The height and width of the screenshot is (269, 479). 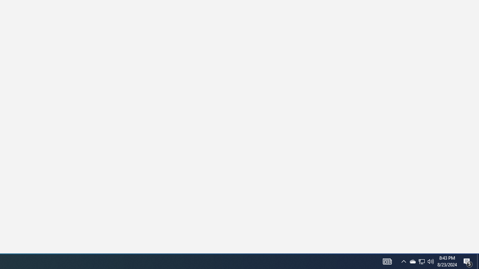 What do you see at coordinates (422, 261) in the screenshot?
I see `'Notification Chevron'` at bounding box center [422, 261].